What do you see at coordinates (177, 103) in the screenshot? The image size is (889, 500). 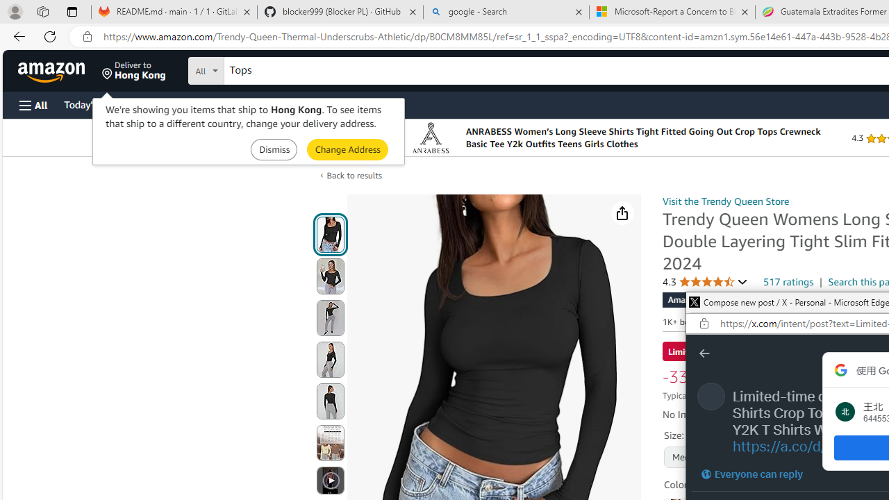 I see `'Customer Service'` at bounding box center [177, 103].